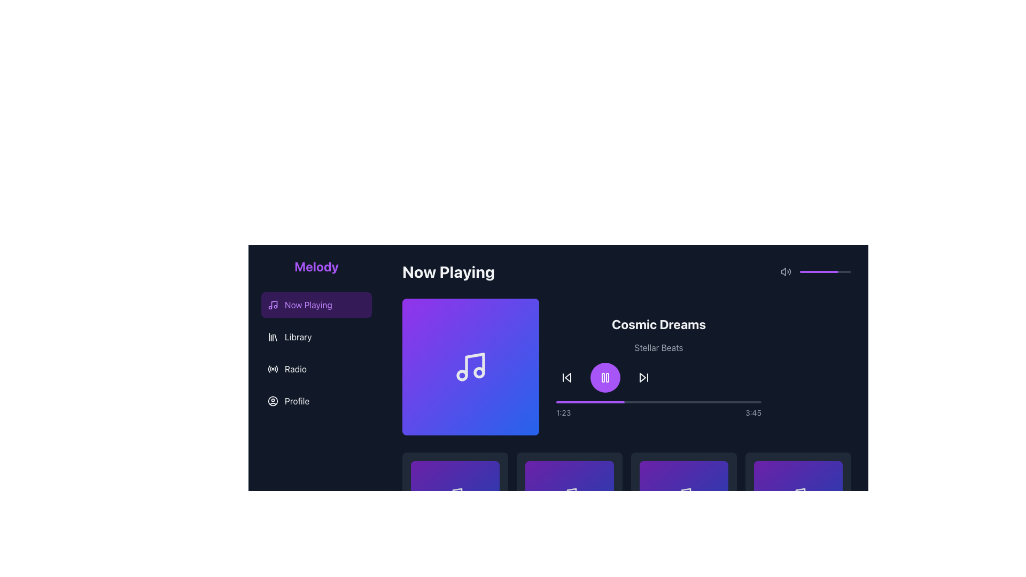 This screenshot has width=1026, height=577. I want to click on the Progress Indicator located in the top-right region of the interface, which visually indicates playback progress in a media player, so click(589, 402).